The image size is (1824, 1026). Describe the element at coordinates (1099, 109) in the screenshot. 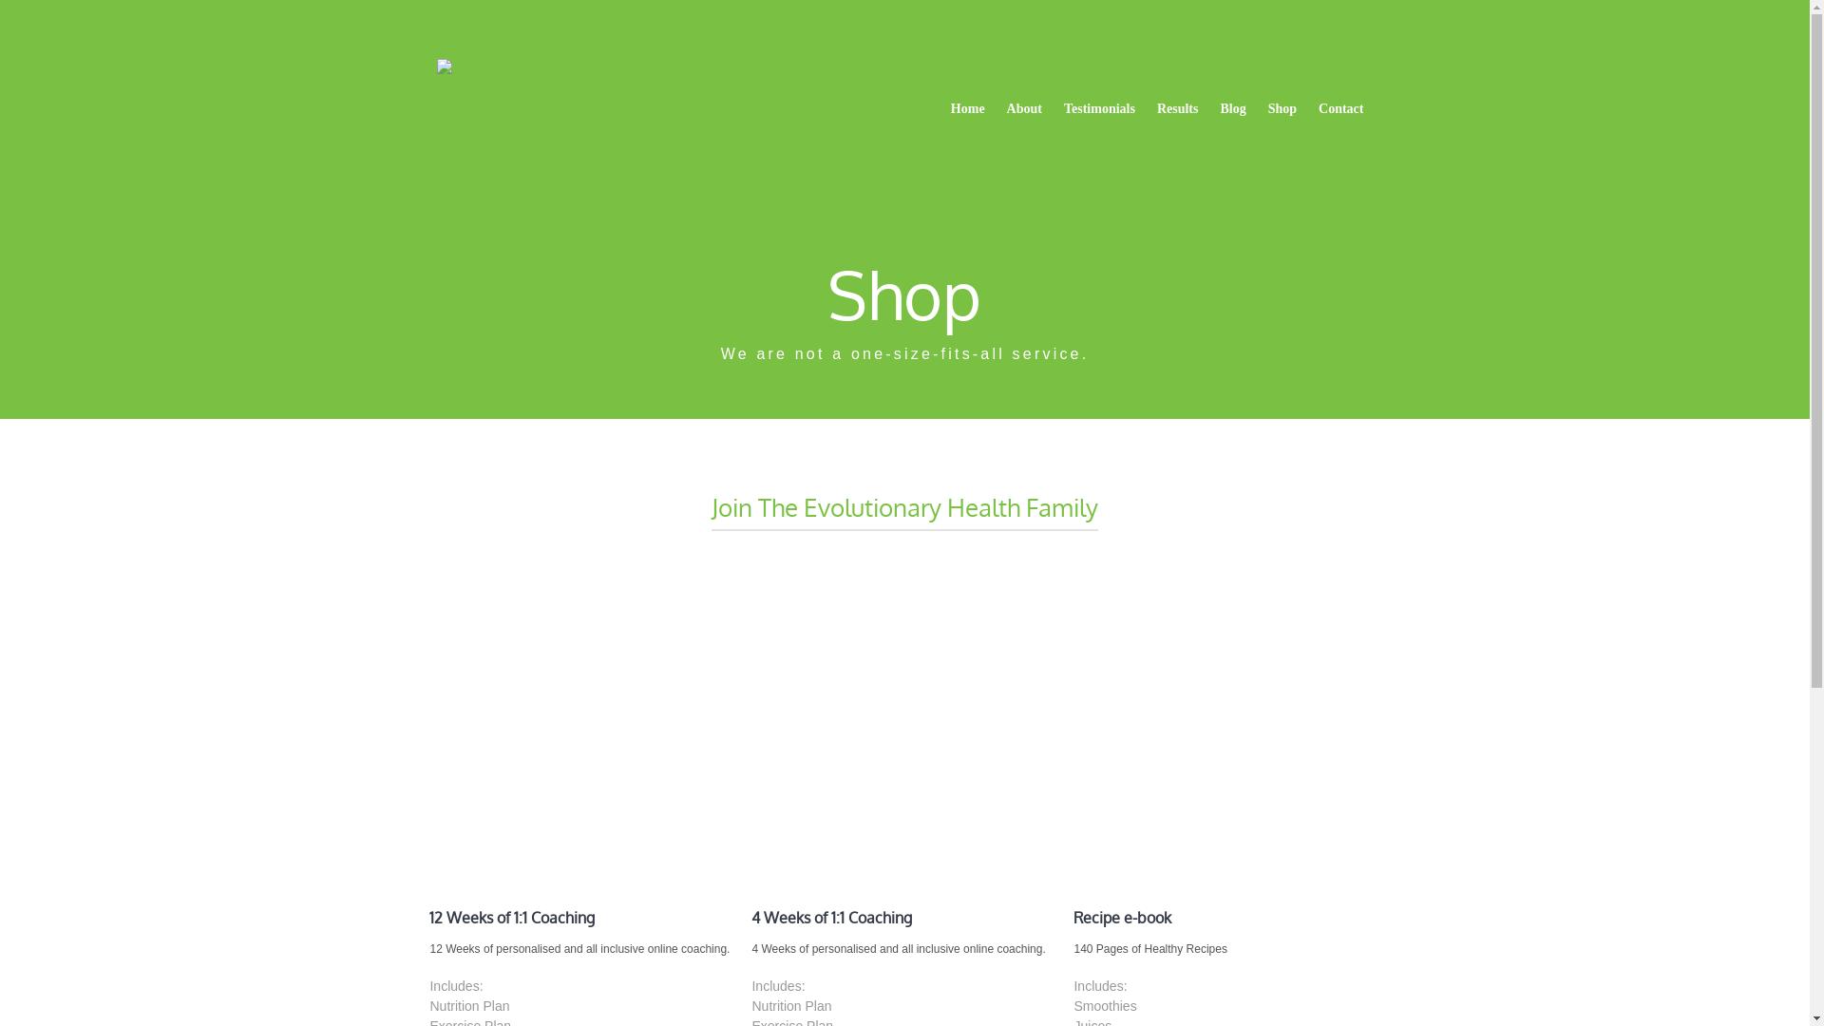

I see `'Testimonials'` at that location.